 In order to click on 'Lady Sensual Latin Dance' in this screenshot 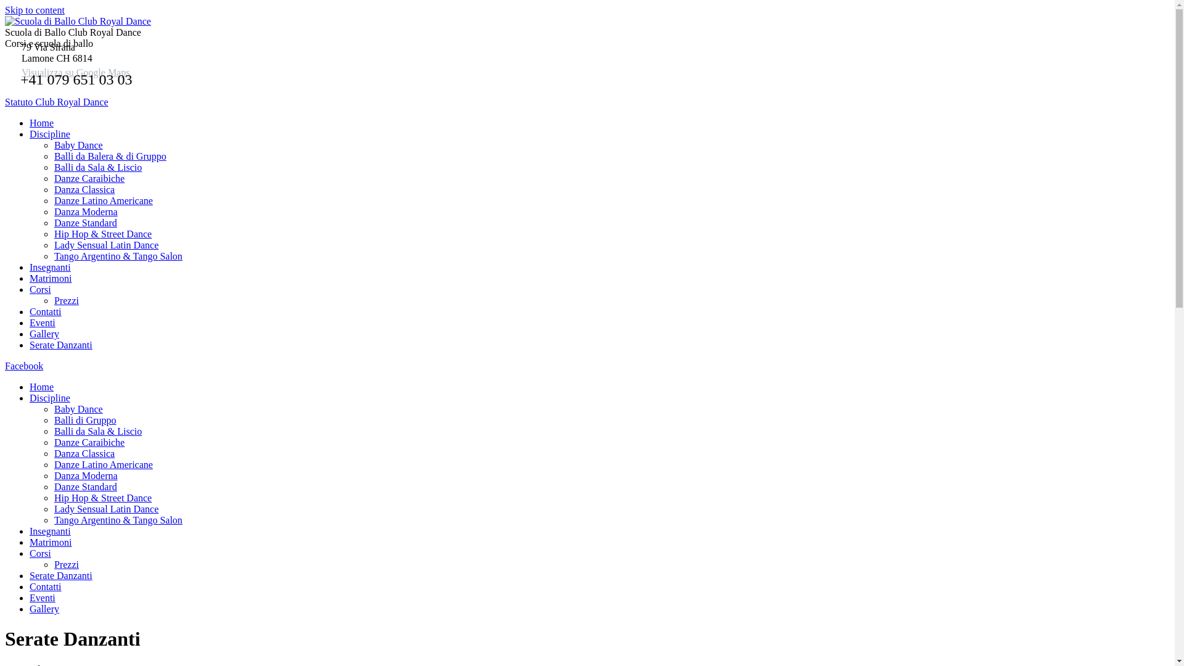, I will do `click(106, 509)`.